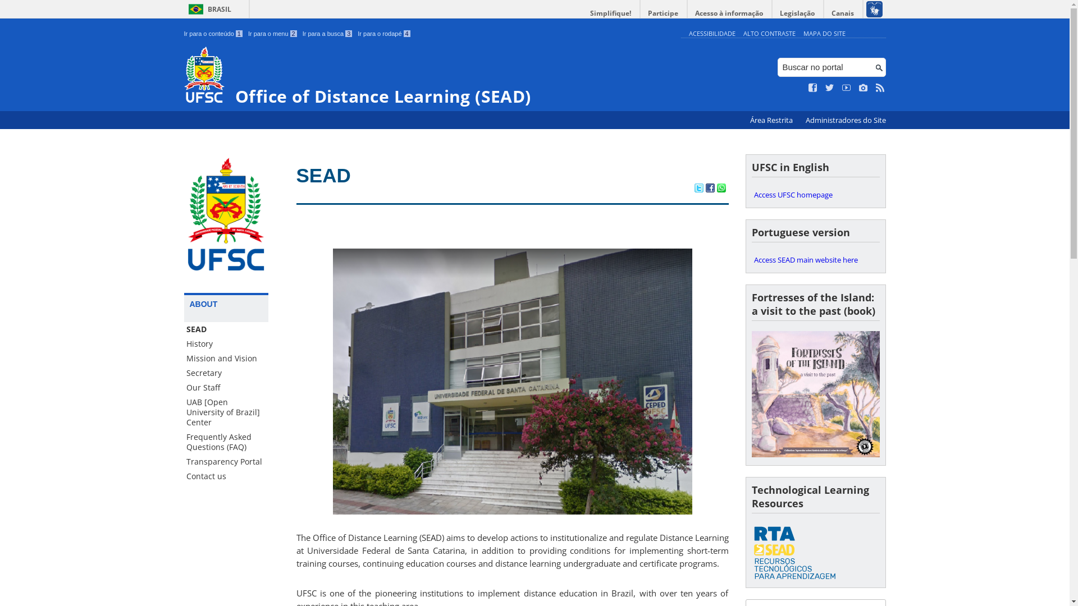 The width and height of the screenshot is (1078, 606). I want to click on 'BRASIL', so click(208, 9).